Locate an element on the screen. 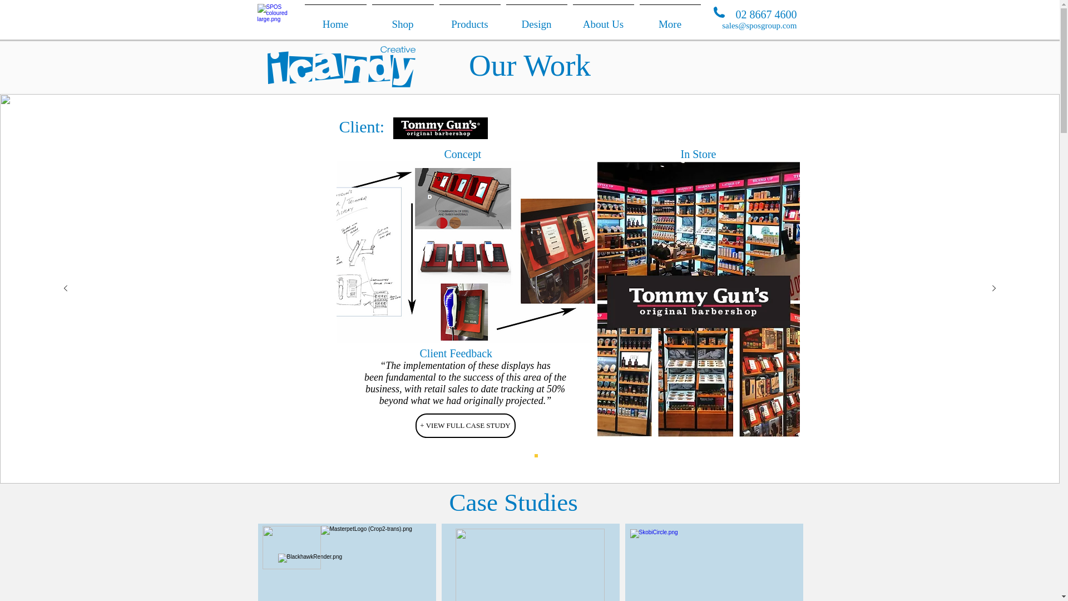 The height and width of the screenshot is (601, 1068). 'MasterpetLogo (Crop).png' is located at coordinates (375, 539).